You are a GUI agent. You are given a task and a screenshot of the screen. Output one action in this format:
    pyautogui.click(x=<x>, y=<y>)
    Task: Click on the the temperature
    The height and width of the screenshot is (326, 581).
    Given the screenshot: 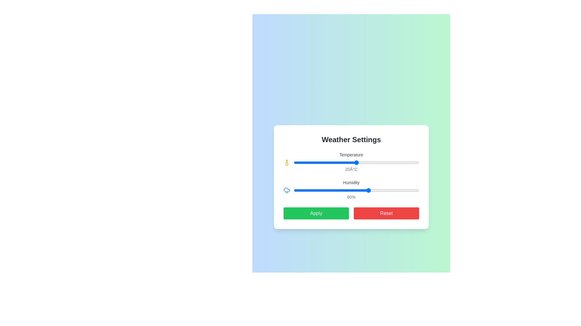 What is the action you would take?
    pyautogui.click(x=403, y=162)
    